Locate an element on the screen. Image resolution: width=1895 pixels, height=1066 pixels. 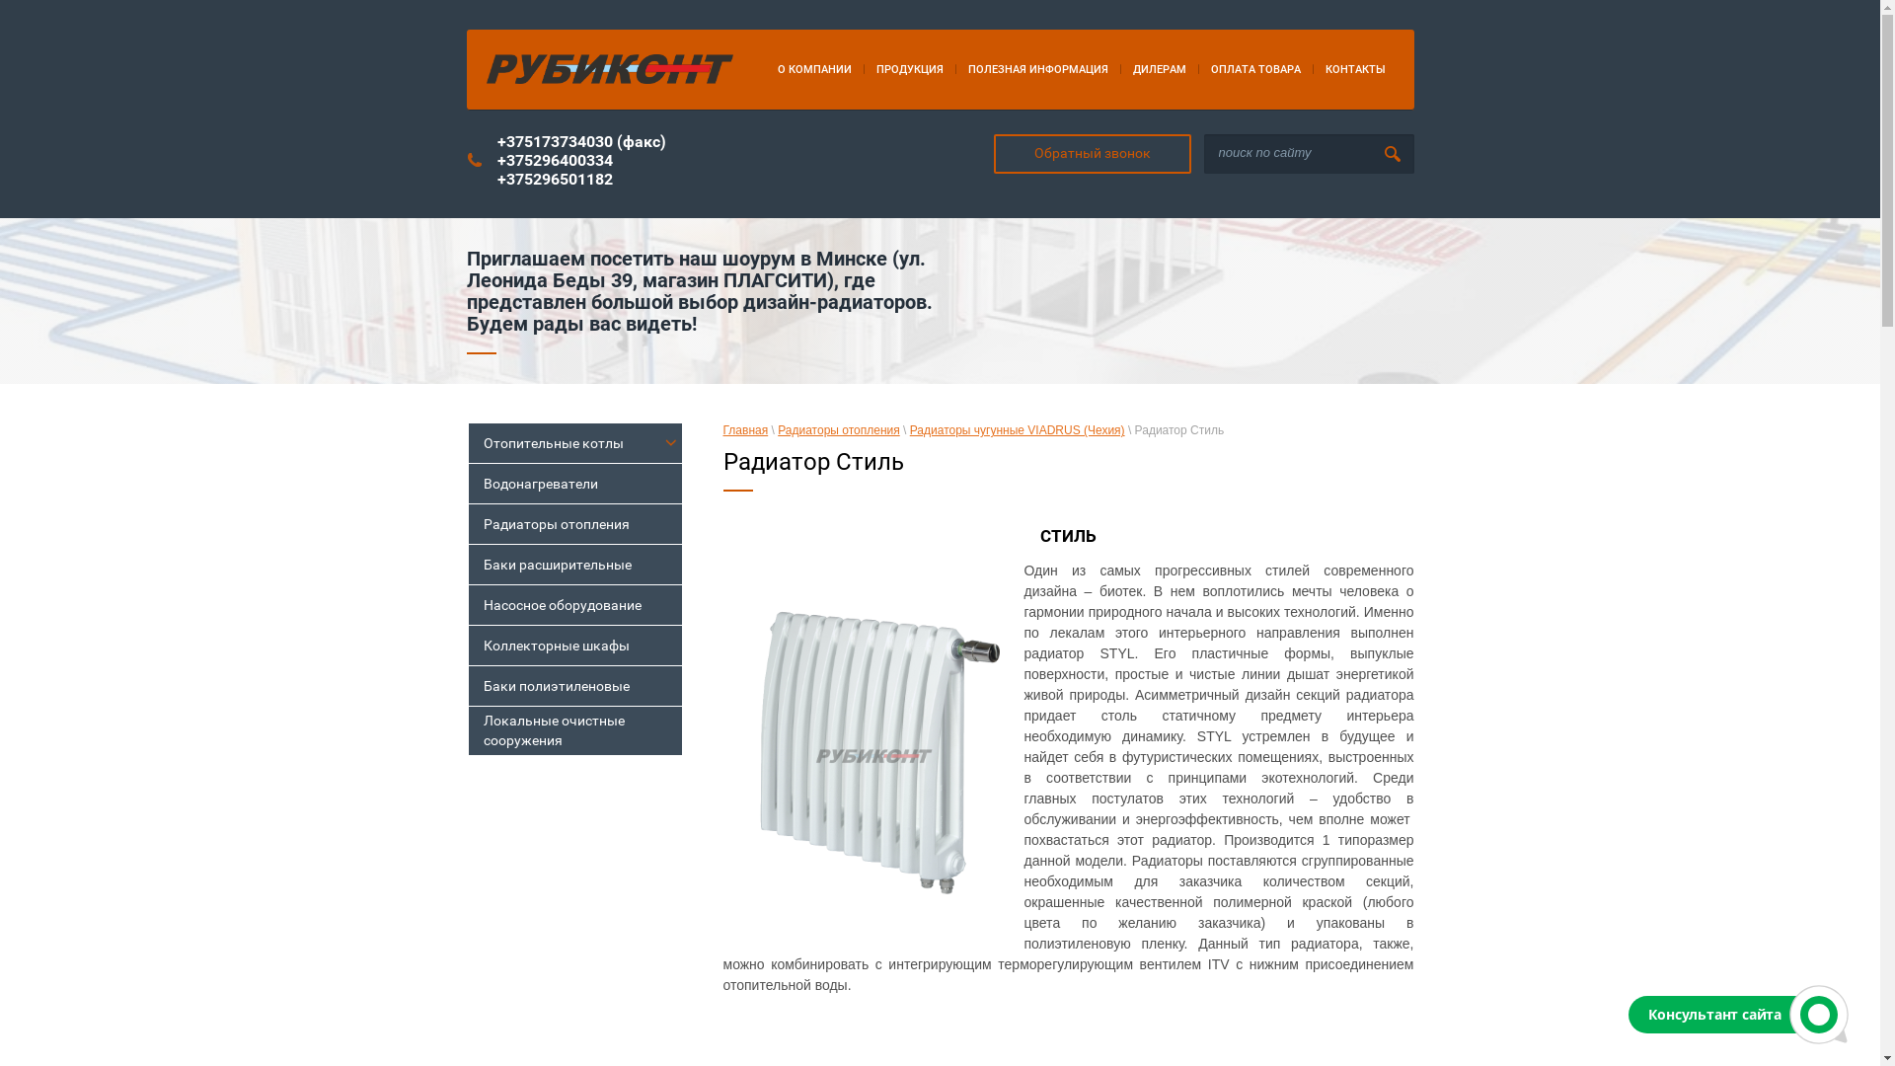
'+375296501182' is located at coordinates (554, 179).